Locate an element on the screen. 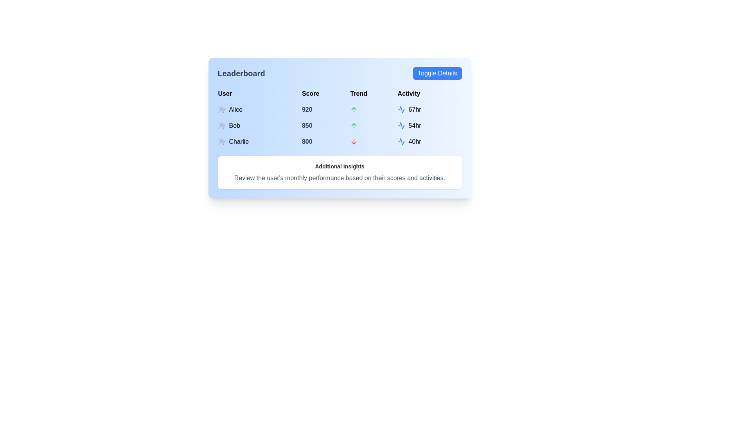  the user profile icon with a checkmark located to the left of the name 'Charlie' in the leaderboard table is located at coordinates (221, 141).